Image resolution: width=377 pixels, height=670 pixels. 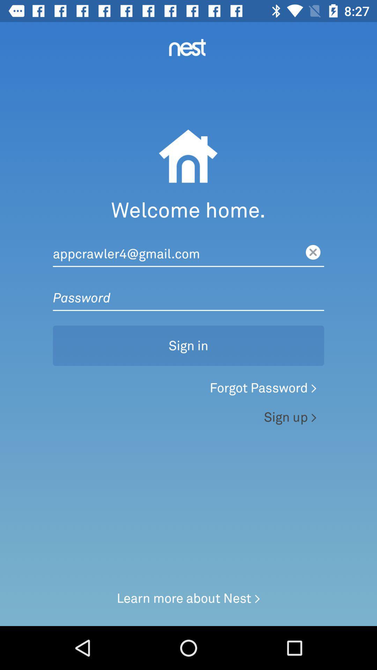 I want to click on the button below sign in, so click(x=188, y=389).